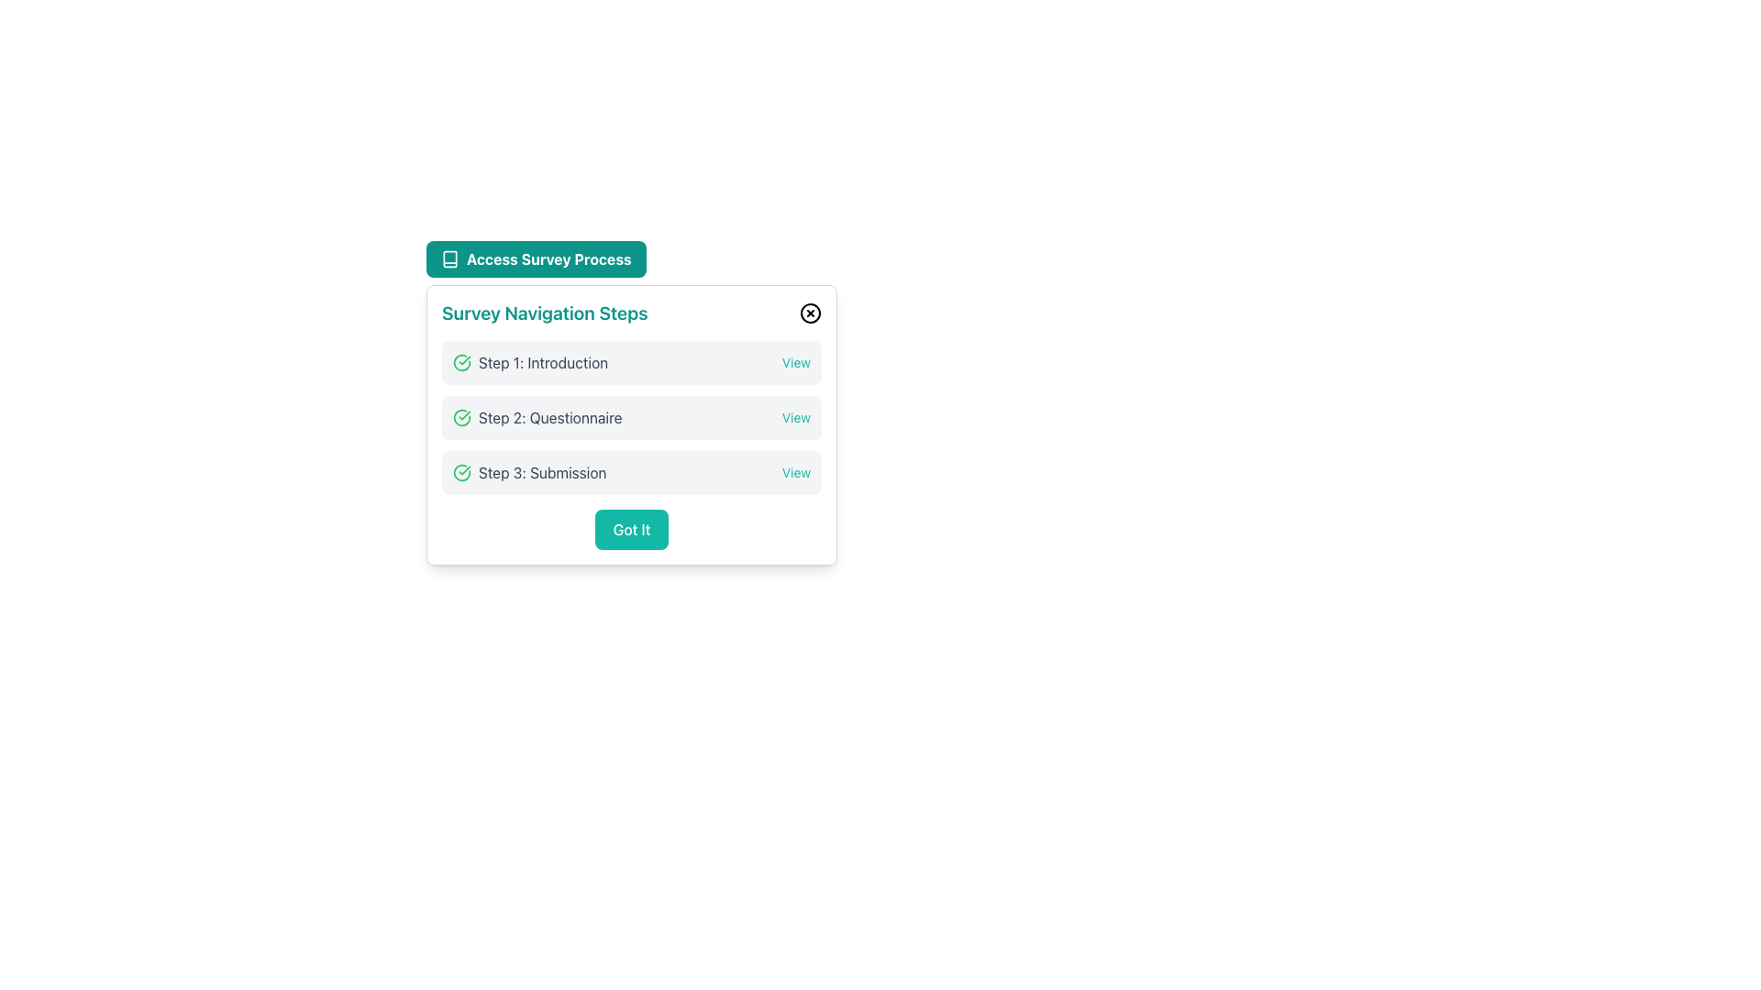  I want to click on the second step in the navigational survey flow, which provides a clickable link for more details, so click(632, 417).